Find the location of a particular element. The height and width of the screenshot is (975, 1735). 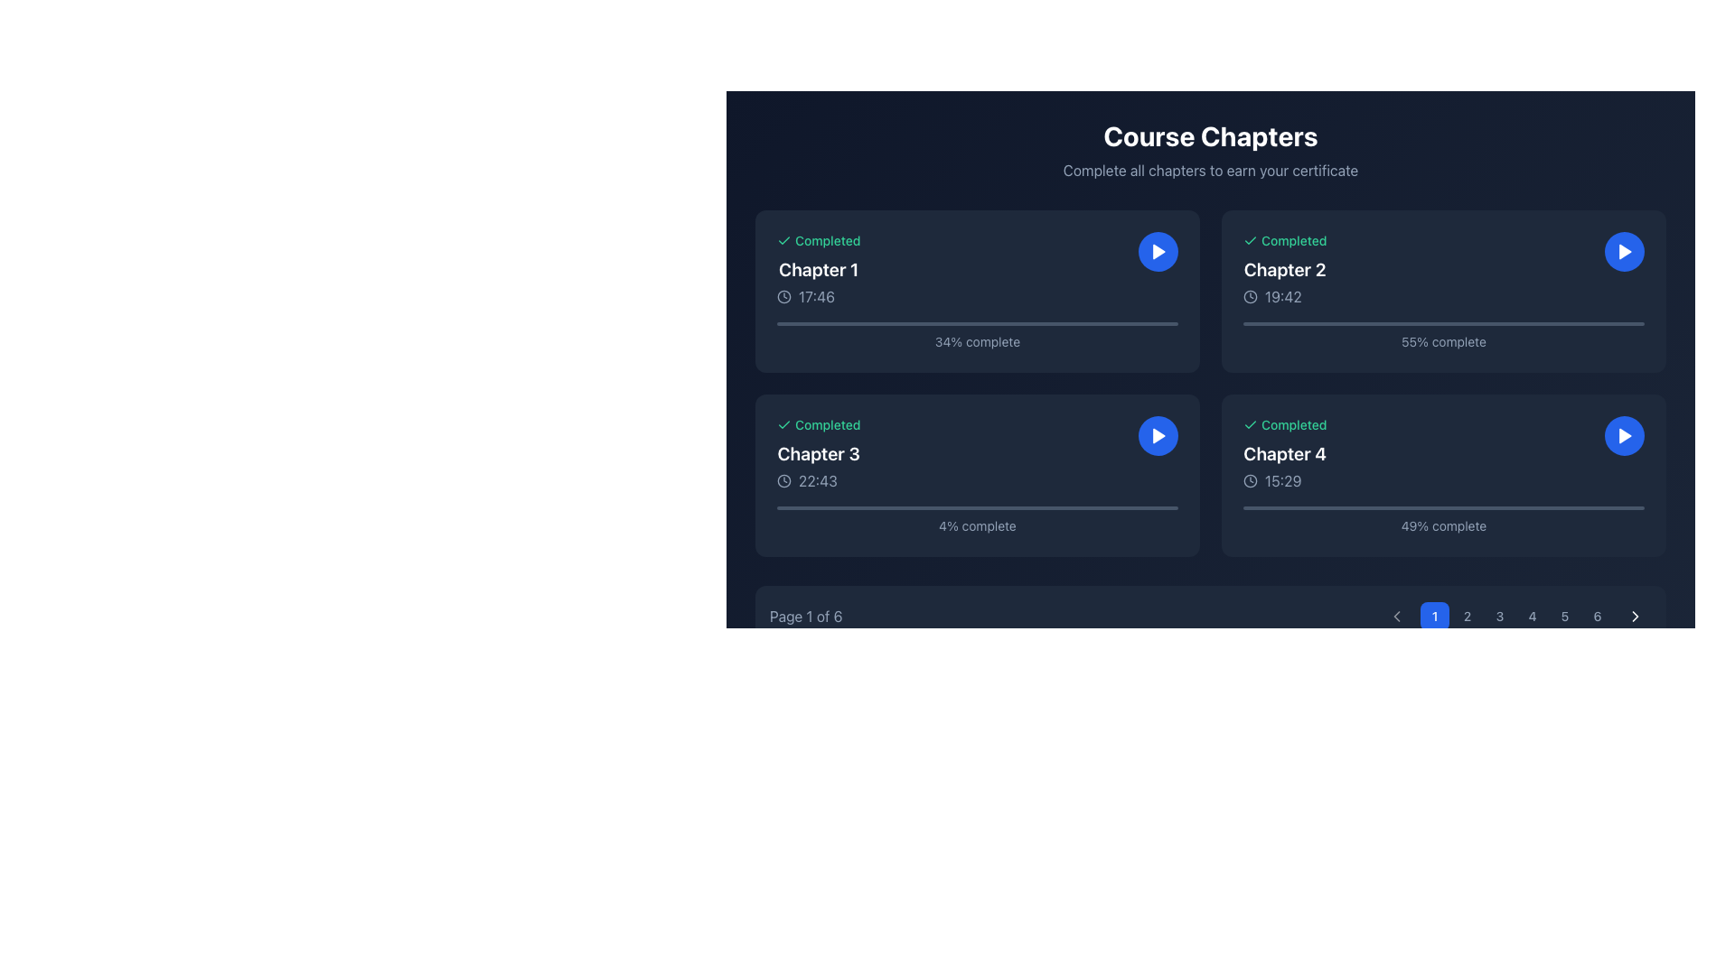

the Informational Card displaying the chapter status 'Completed', which is located in the upper-right corner of the grid layout, next to 'Chapter 1' is located at coordinates (1443, 270).